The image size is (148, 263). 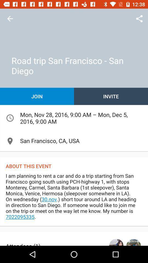 I want to click on item on the right, so click(x=111, y=96).